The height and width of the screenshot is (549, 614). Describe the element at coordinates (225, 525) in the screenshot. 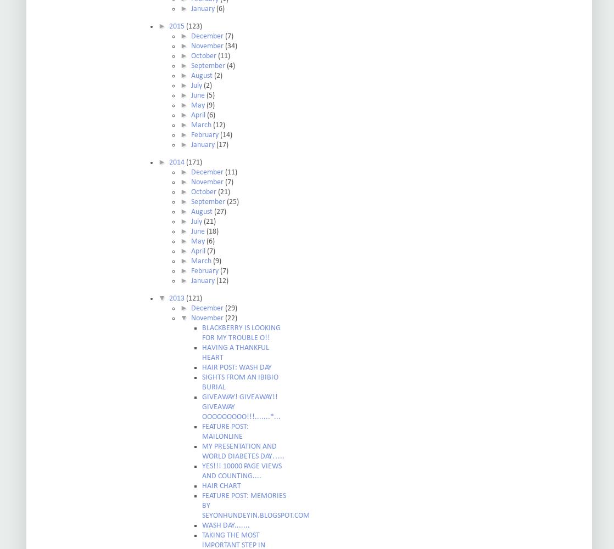

I see `'WASH DAY.......'` at that location.